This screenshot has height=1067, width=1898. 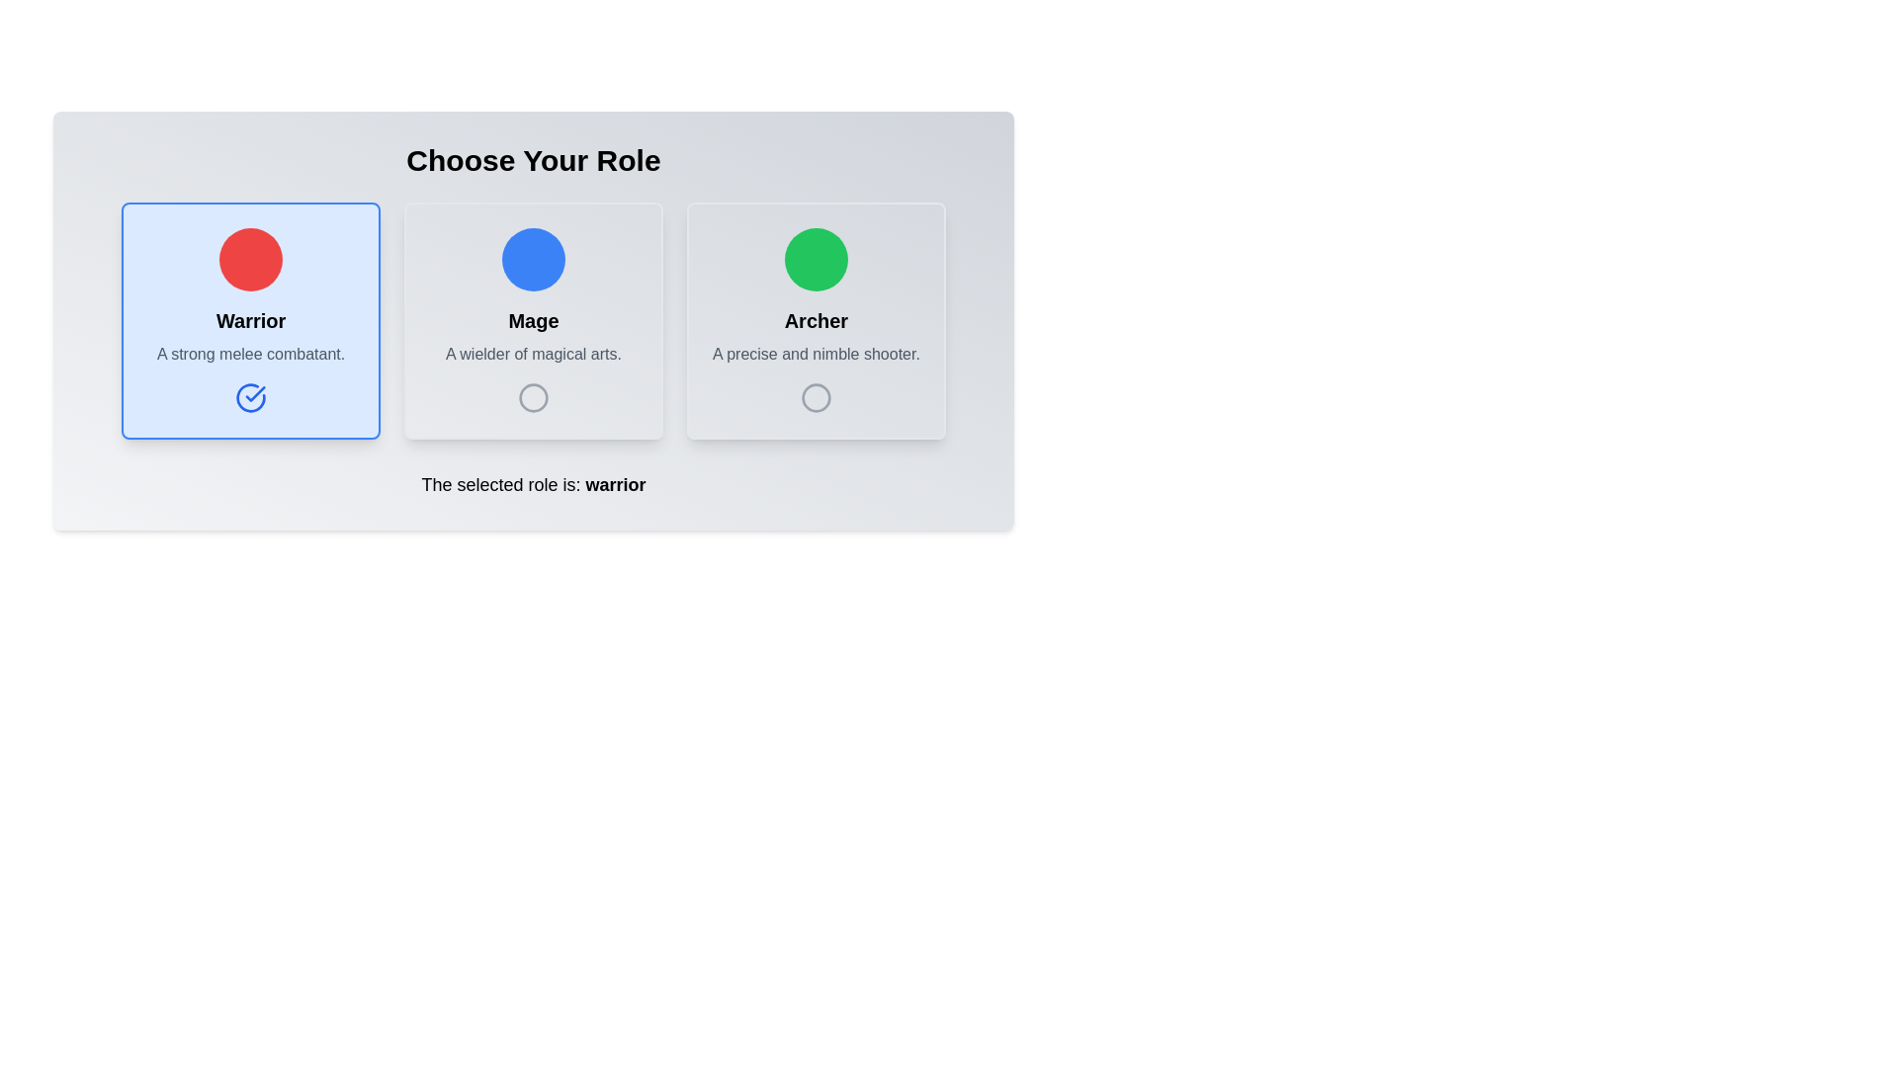 I want to click on the visual state of the circular icon with a blue outline and an inner checkmark symbol located at the center of the 'Warrior' card in the 'Choose Your Role' selection panel, so click(x=250, y=397).